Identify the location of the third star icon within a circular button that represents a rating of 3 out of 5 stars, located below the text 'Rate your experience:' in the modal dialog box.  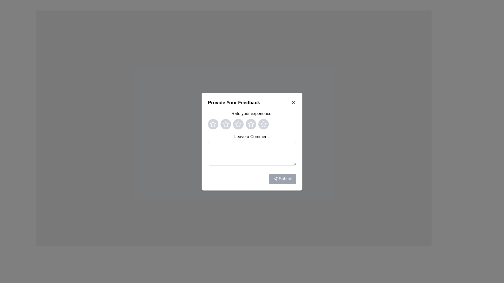
(252, 124).